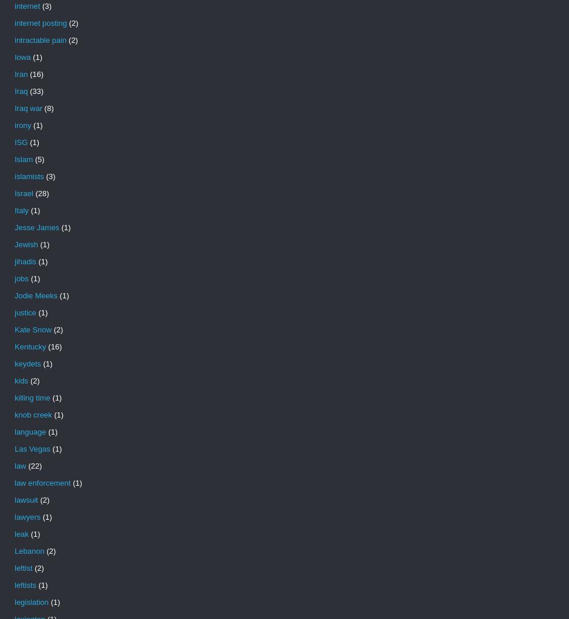 This screenshot has width=569, height=619. I want to click on 'intractable pain', so click(40, 39).